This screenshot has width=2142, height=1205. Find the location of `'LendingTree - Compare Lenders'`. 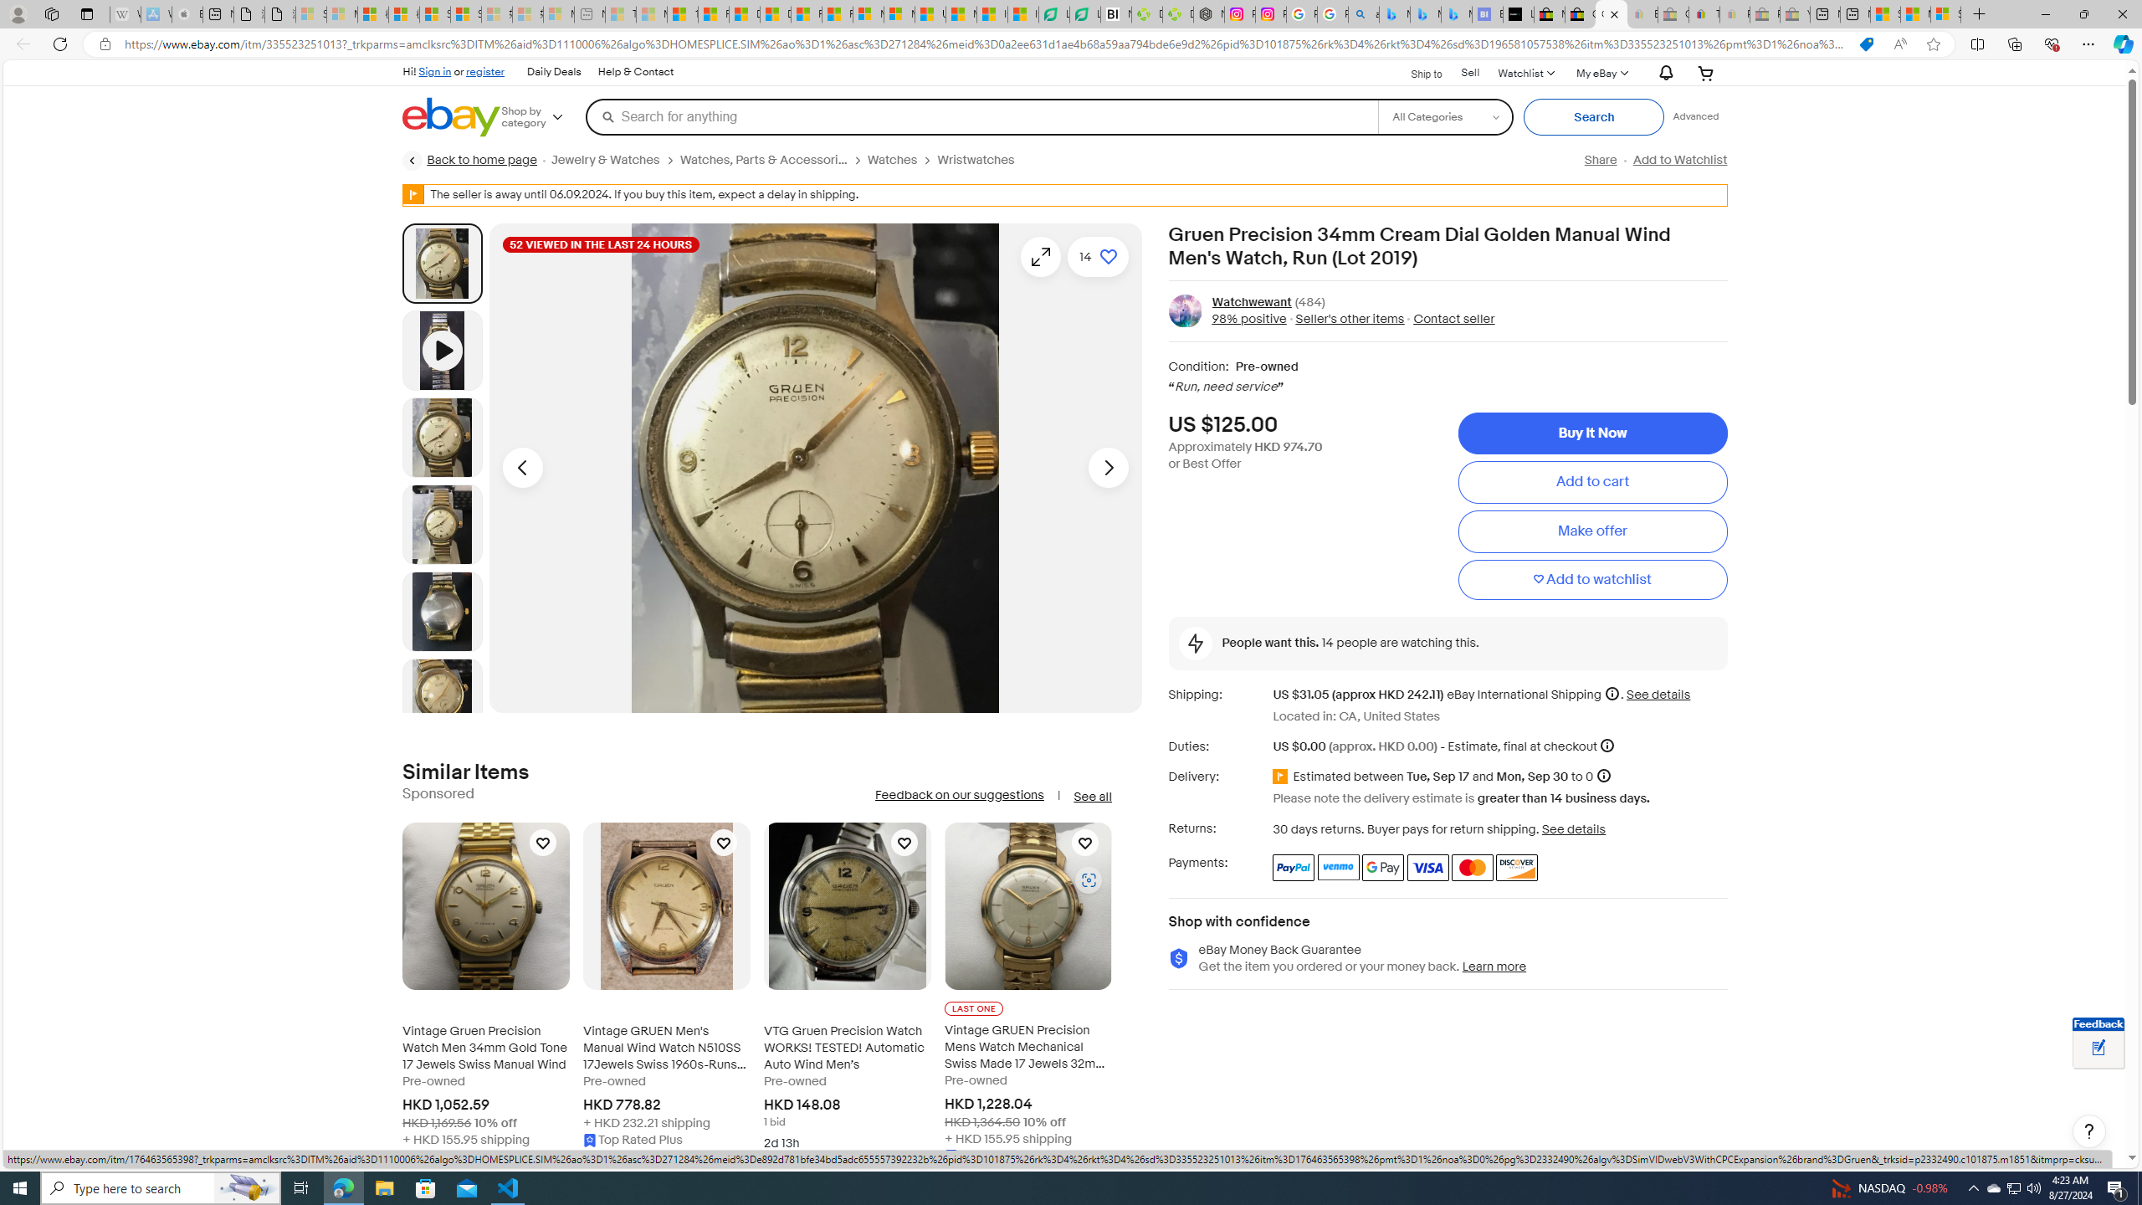

'LendingTree - Compare Lenders' is located at coordinates (1084, 13).